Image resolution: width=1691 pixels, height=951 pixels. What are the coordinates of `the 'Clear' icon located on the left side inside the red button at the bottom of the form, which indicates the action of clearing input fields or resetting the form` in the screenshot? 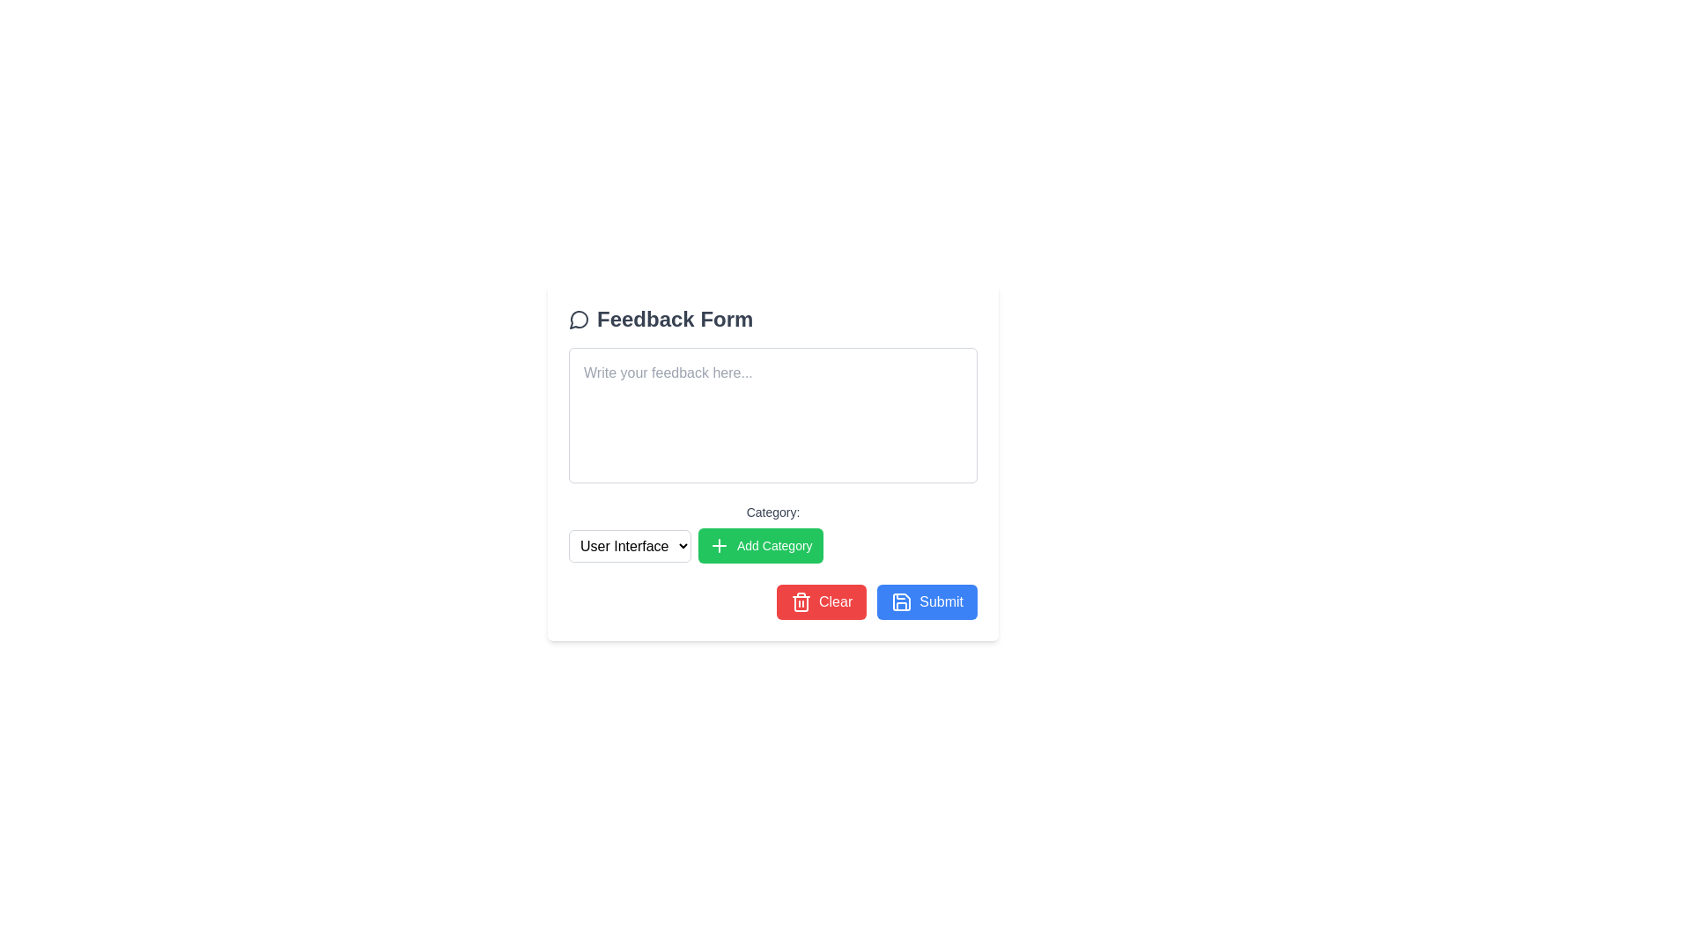 It's located at (800, 601).